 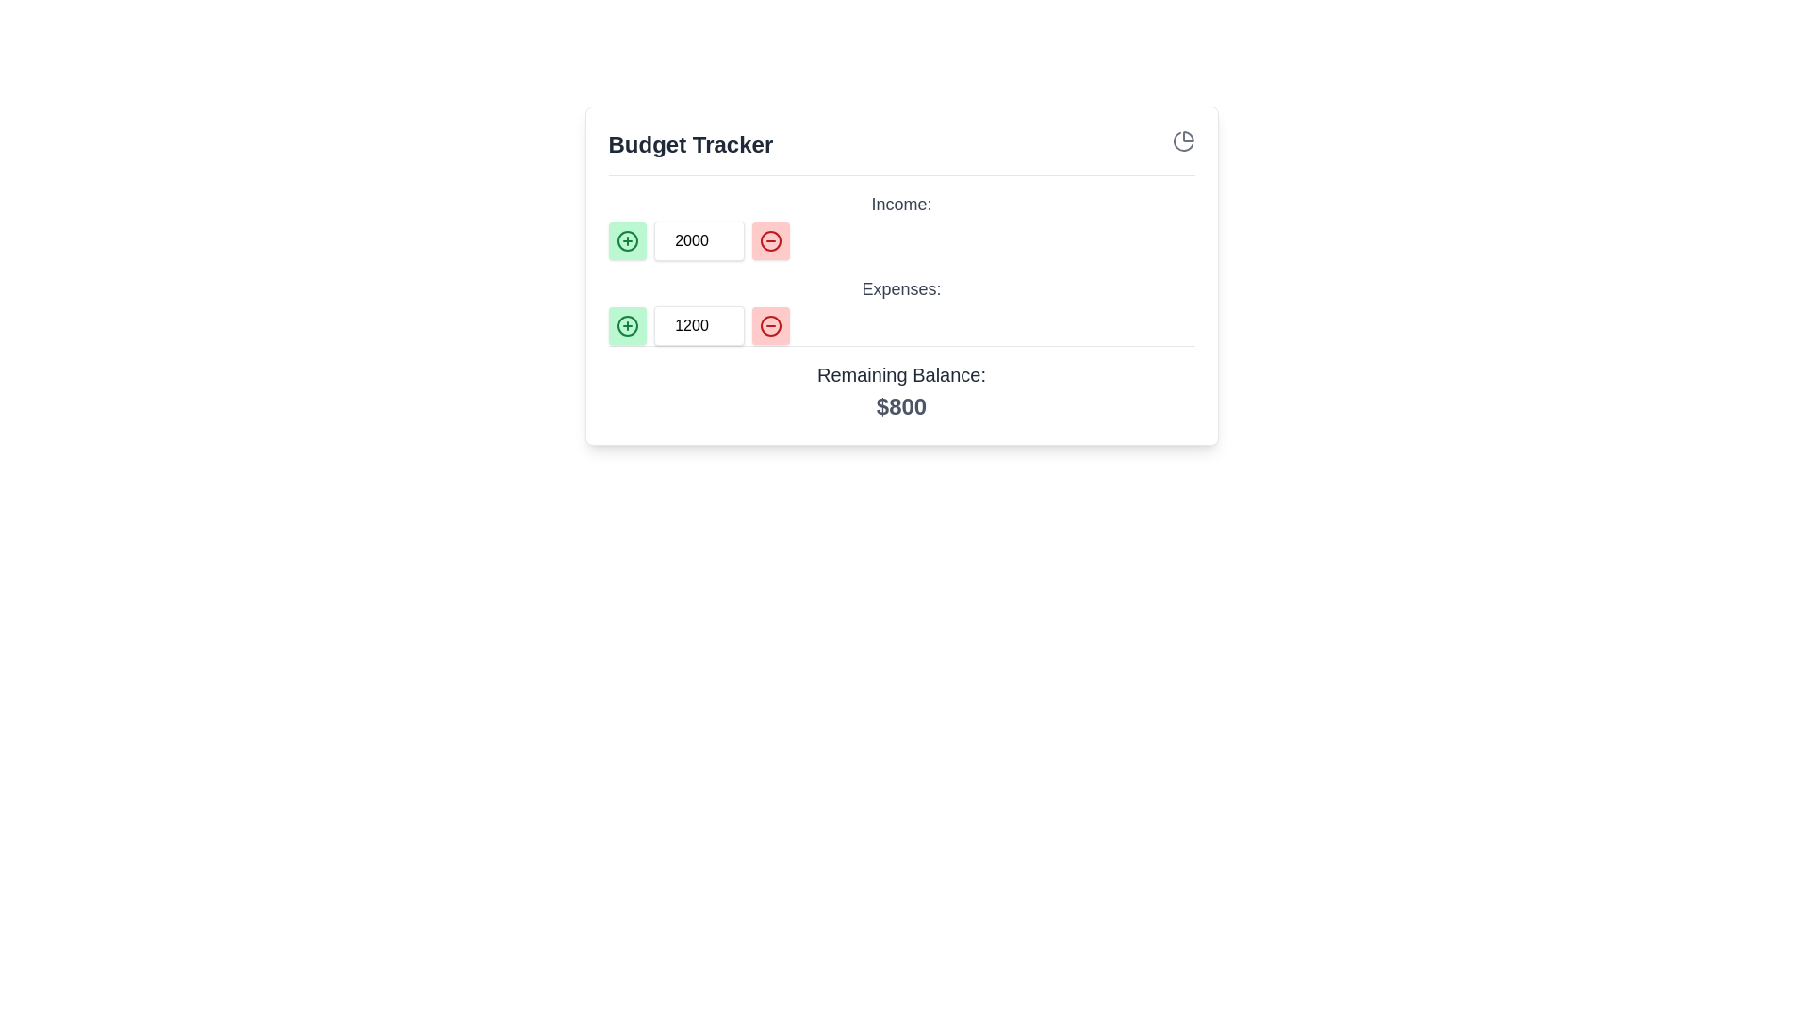 I want to click on the Text Display showing the remaining balance of '$800' in bold and gray color, located directly below the 'Remaining Balance:' label, so click(x=900, y=406).